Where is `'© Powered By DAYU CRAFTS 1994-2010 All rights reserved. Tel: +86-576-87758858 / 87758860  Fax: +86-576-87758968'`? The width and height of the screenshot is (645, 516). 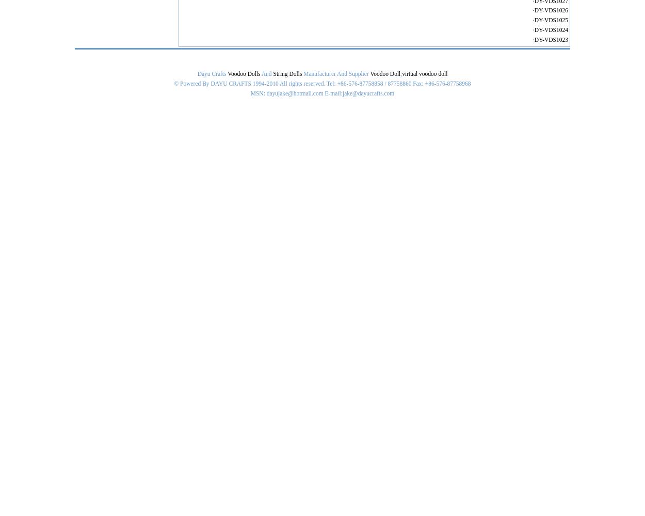 '© Powered By DAYU CRAFTS 1994-2010 All rights reserved. Tel: +86-576-87758858 / 87758860  Fax: +86-576-87758968' is located at coordinates (321, 84).